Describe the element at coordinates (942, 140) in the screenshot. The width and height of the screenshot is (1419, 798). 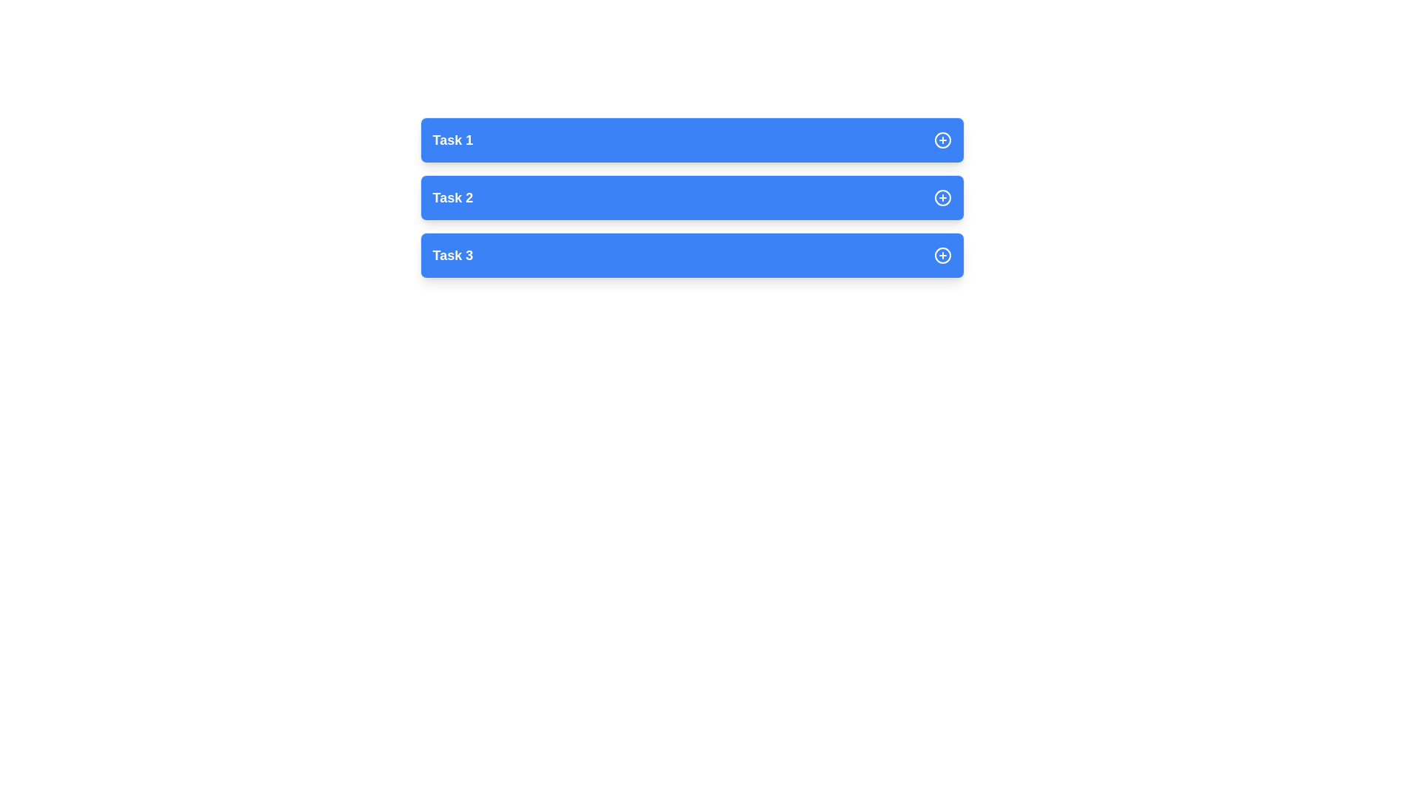
I see `the circular plus icon button located at the far right end of the first row labeled 'Task 1'` at that location.